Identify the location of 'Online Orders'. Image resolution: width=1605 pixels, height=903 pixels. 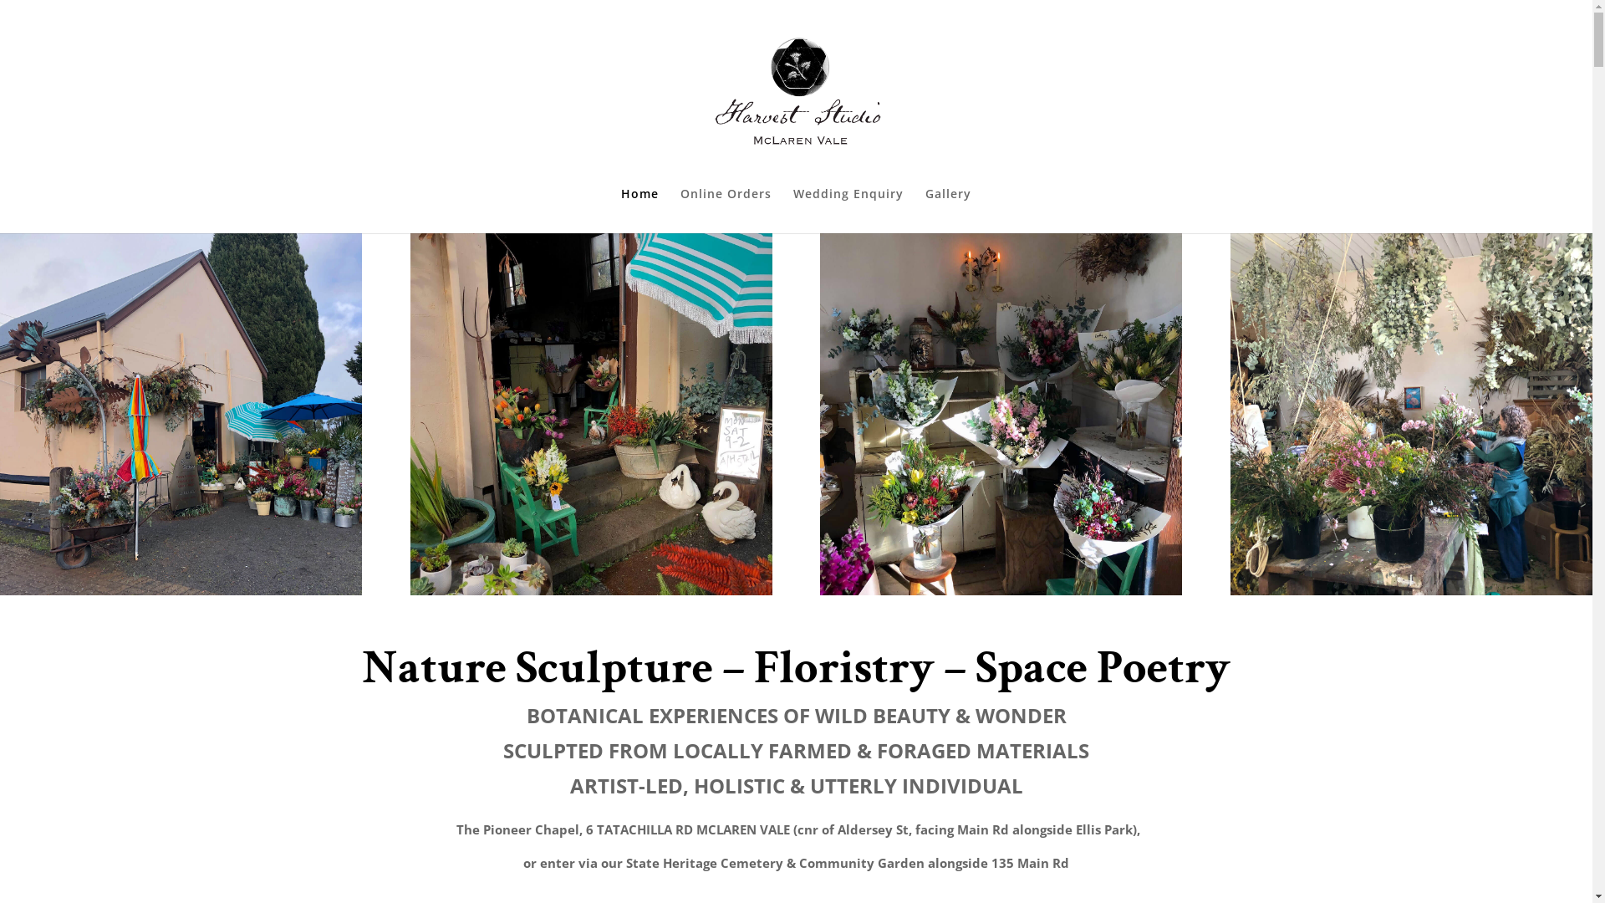
(726, 209).